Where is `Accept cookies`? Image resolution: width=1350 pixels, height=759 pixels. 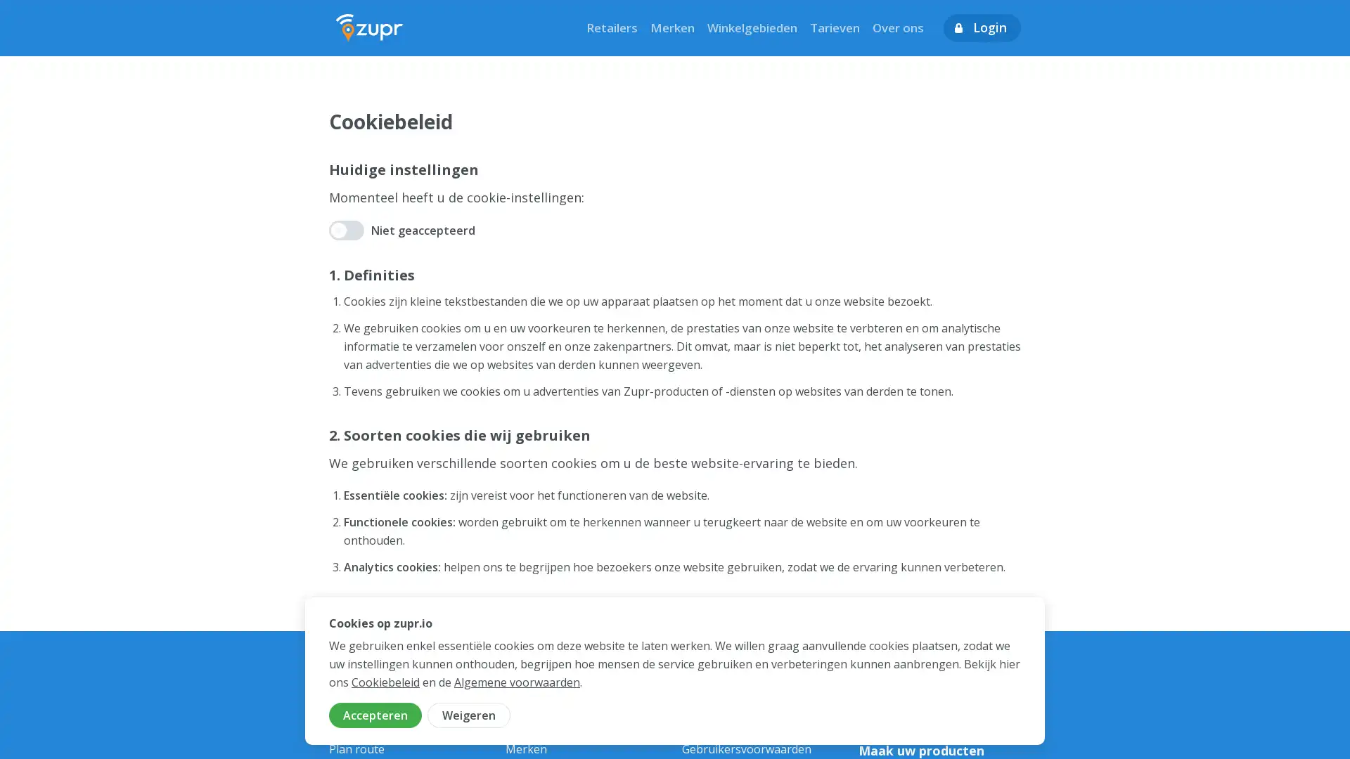 Accept cookies is located at coordinates (375, 715).